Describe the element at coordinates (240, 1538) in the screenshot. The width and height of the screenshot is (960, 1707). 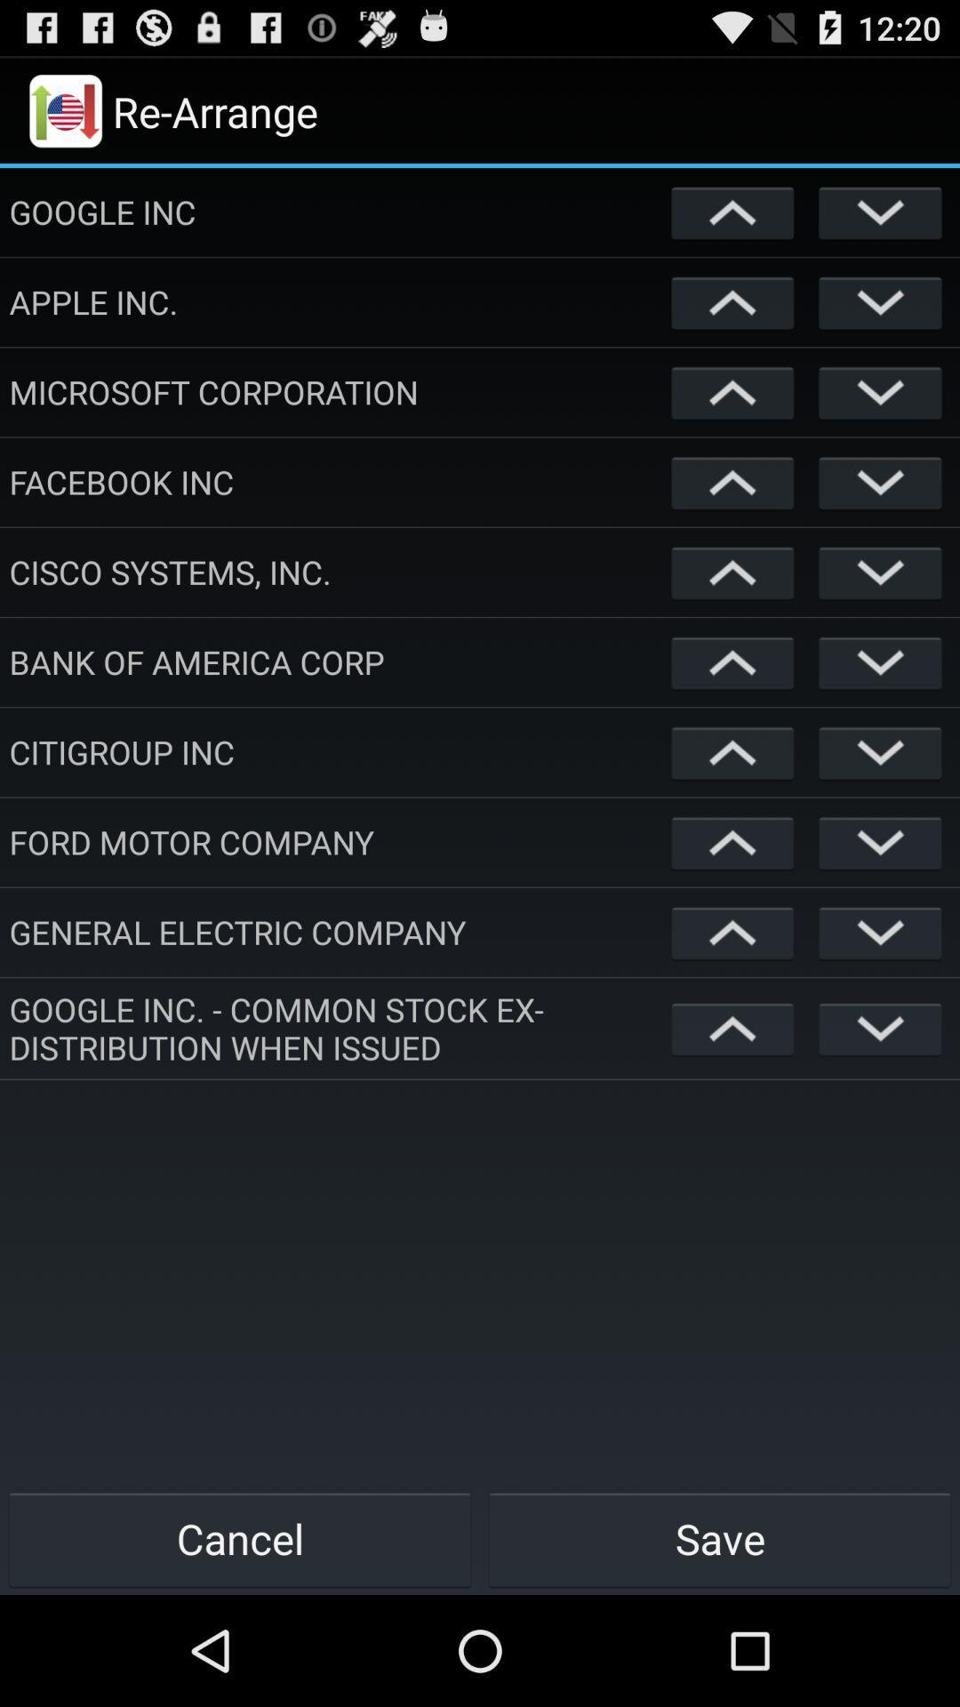
I see `the icon next to the save item` at that location.